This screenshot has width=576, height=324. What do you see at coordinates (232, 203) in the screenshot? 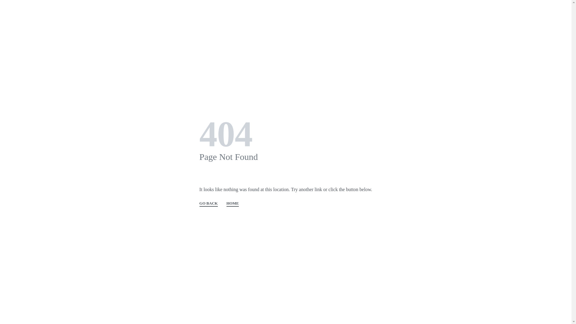
I see `'HOME'` at bounding box center [232, 203].